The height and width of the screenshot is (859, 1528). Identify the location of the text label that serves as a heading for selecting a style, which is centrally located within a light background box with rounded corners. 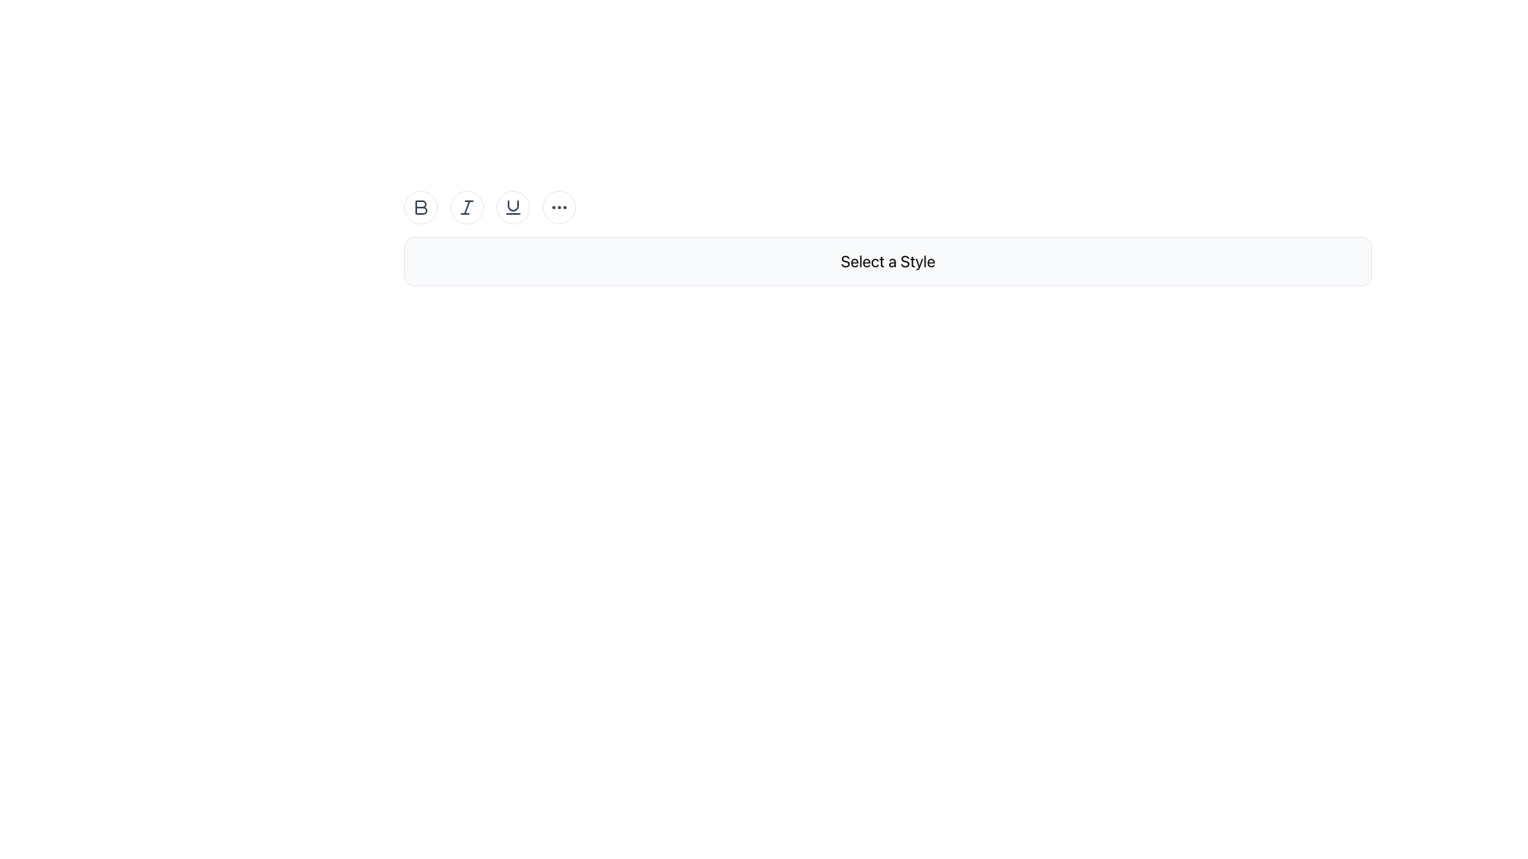
(887, 260).